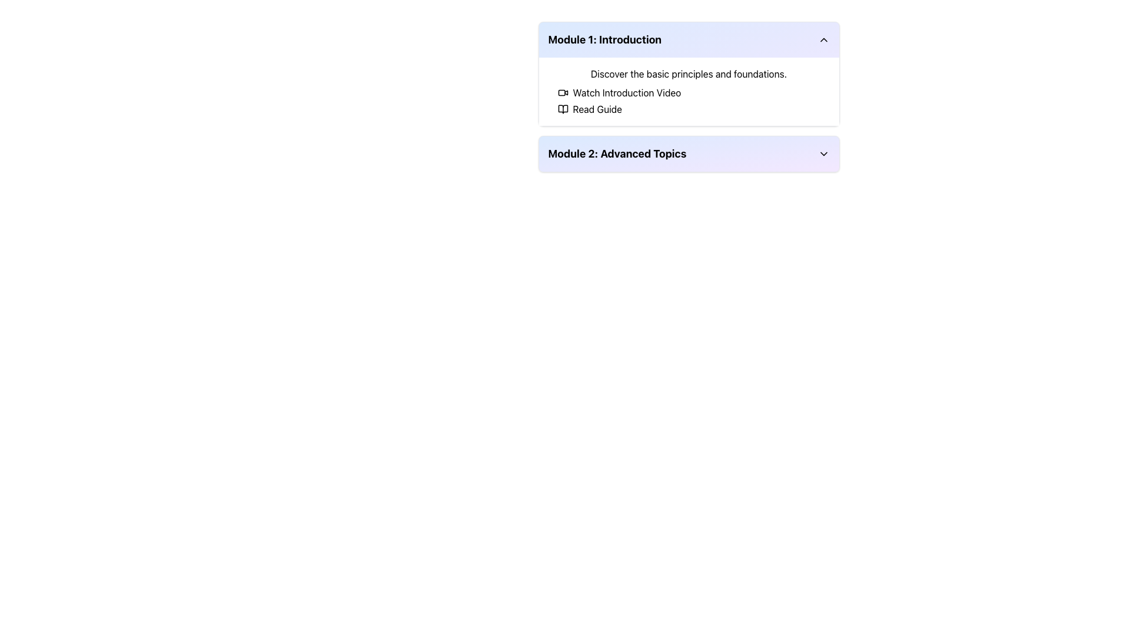 The width and height of the screenshot is (1130, 635). I want to click on the video icon located in 'Module 1: Introduction', which features a rectangular body with rounded corners and a triangular play symbol, positioned to the left of the text 'Watch Introduction Video', so click(562, 92).